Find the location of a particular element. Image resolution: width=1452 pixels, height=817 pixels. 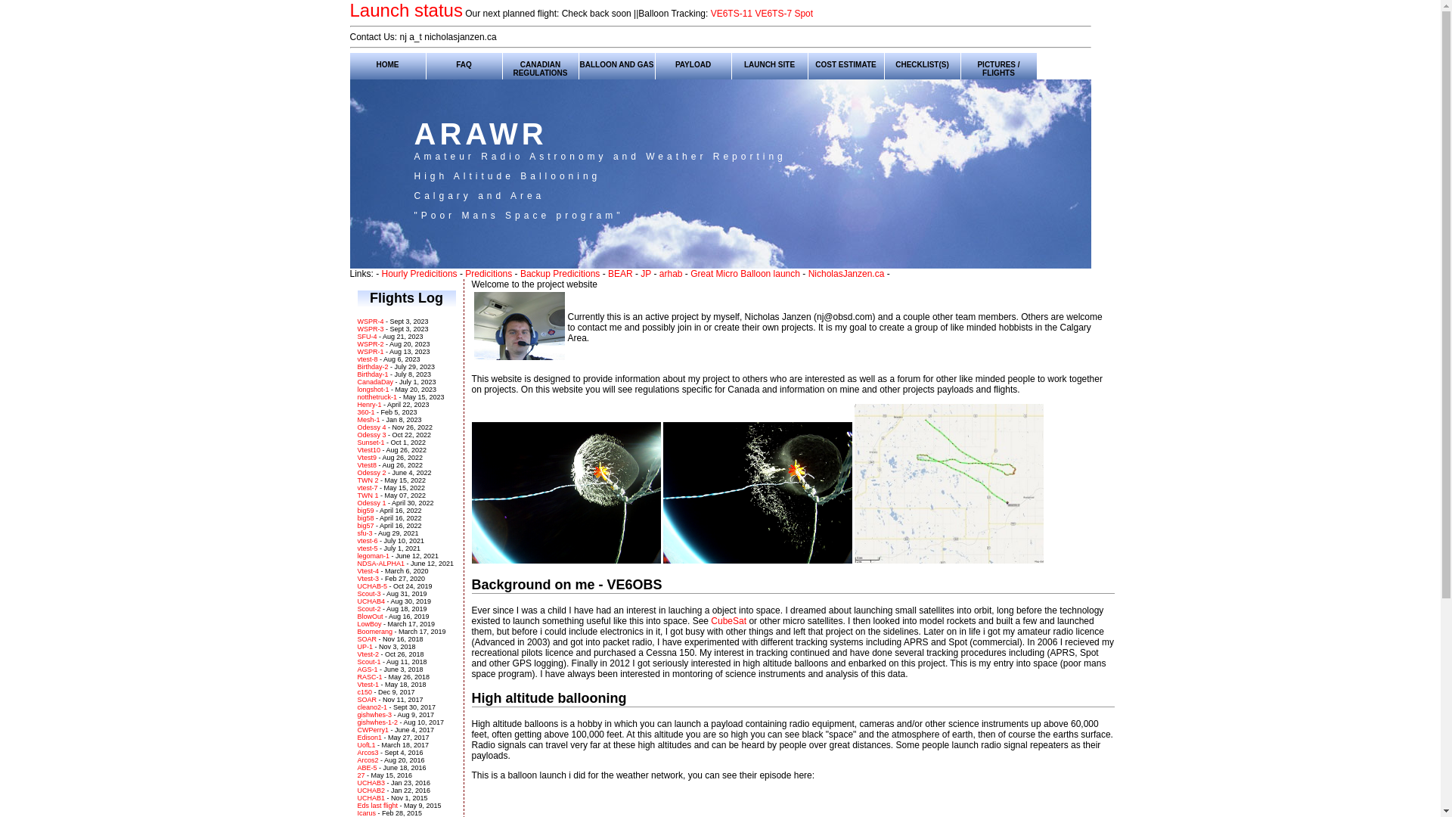

'CanadaDay' is located at coordinates (374, 381).